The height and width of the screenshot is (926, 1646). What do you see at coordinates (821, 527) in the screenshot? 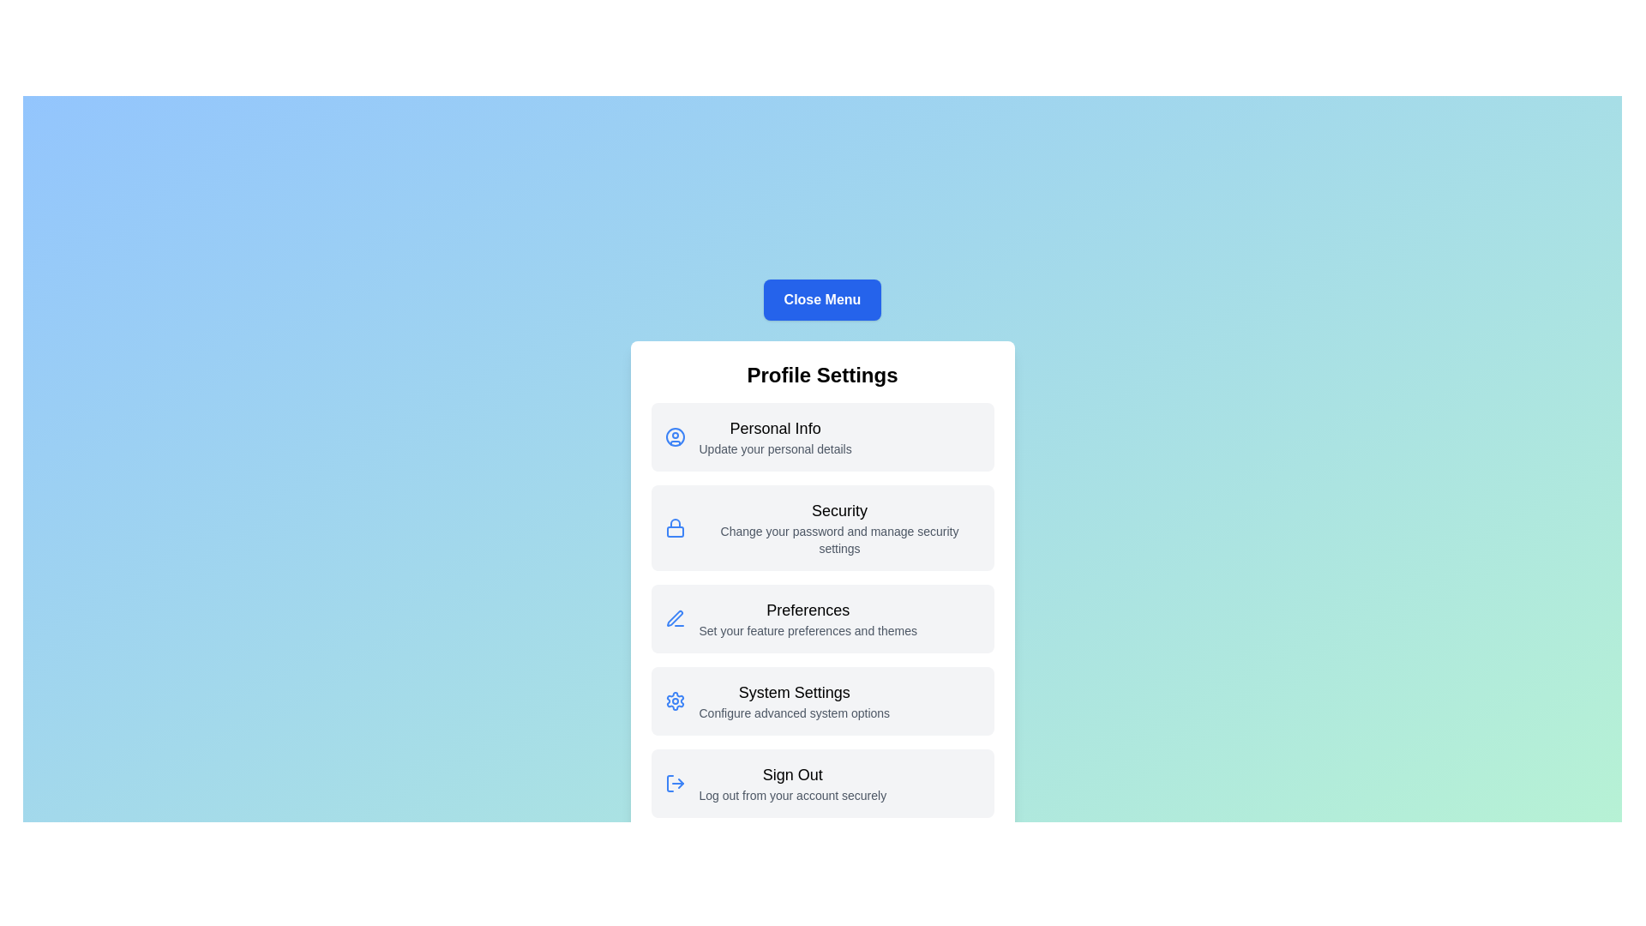
I see `the menu item labeled Security for detailed actions` at bounding box center [821, 527].